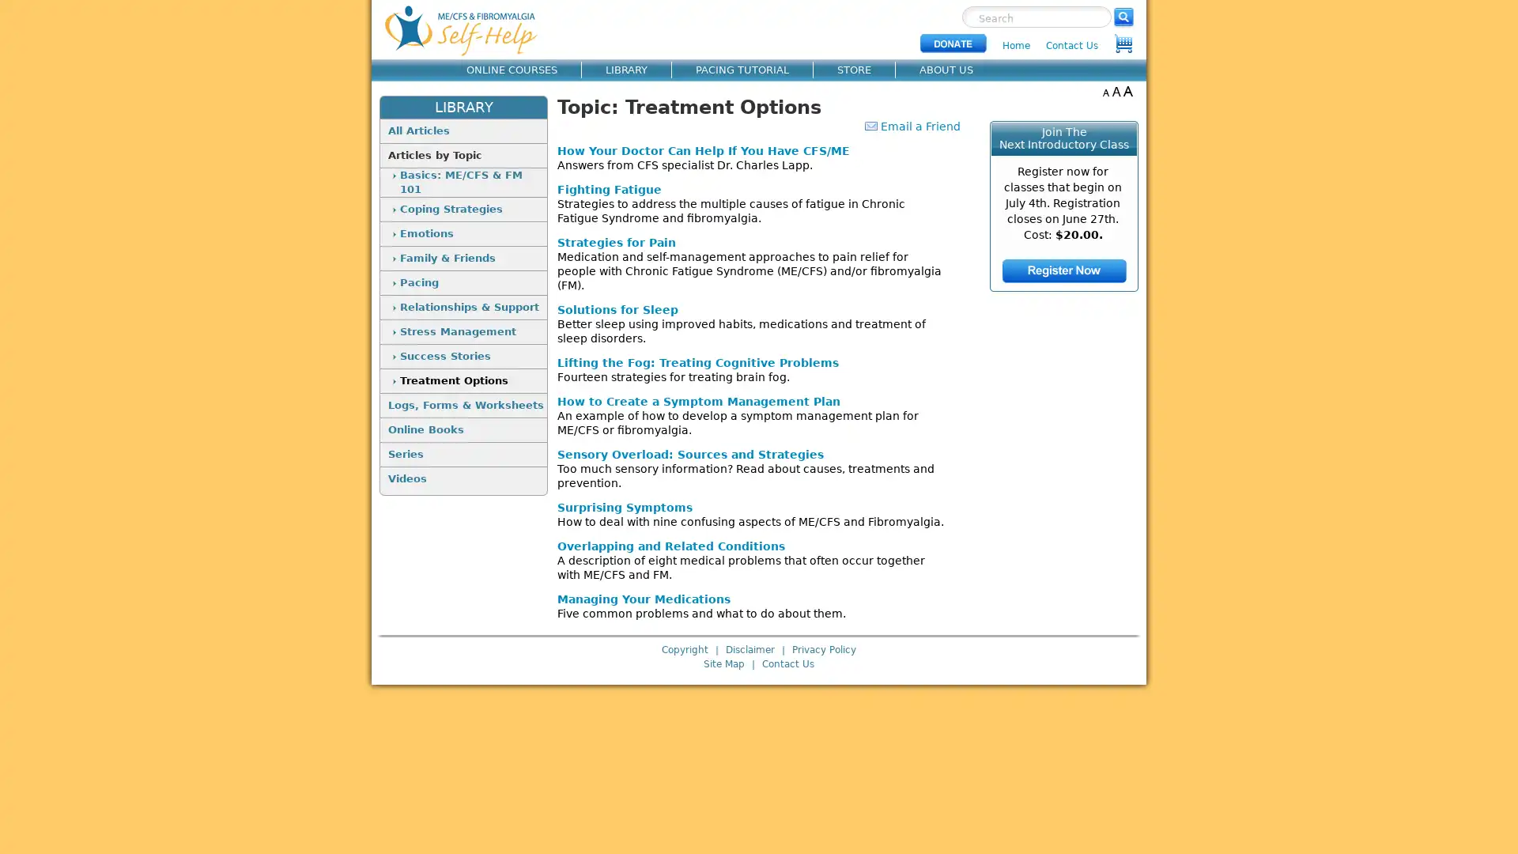 The height and width of the screenshot is (854, 1518). Describe the element at coordinates (1127, 91) in the screenshot. I see `A` at that location.